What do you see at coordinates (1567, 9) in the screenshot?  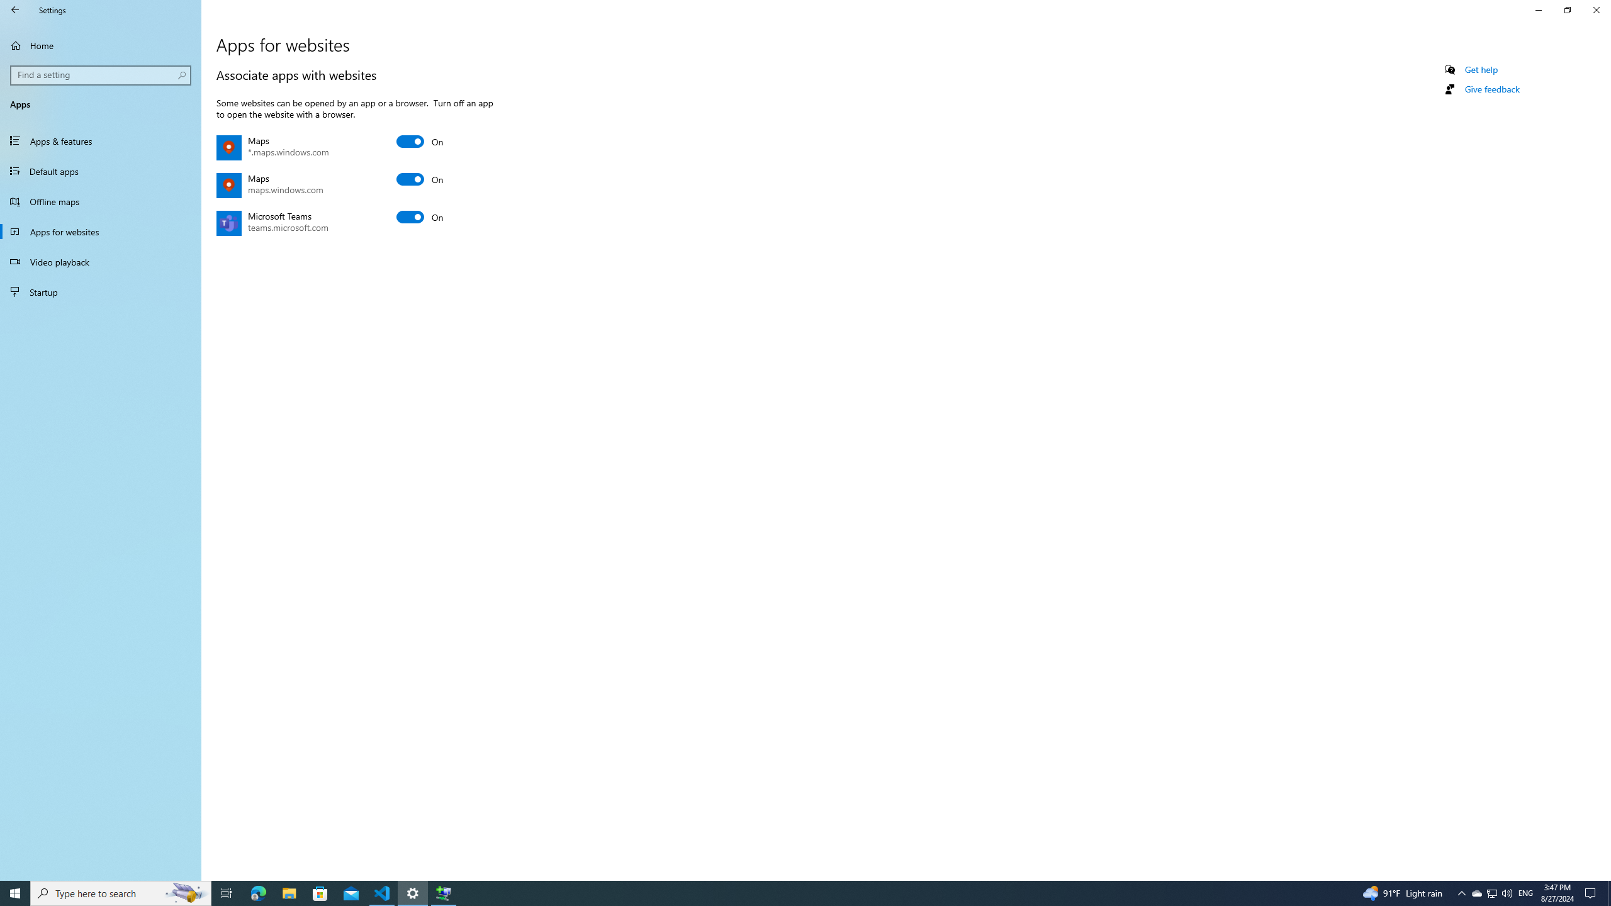 I see `'Restore Settings'` at bounding box center [1567, 9].